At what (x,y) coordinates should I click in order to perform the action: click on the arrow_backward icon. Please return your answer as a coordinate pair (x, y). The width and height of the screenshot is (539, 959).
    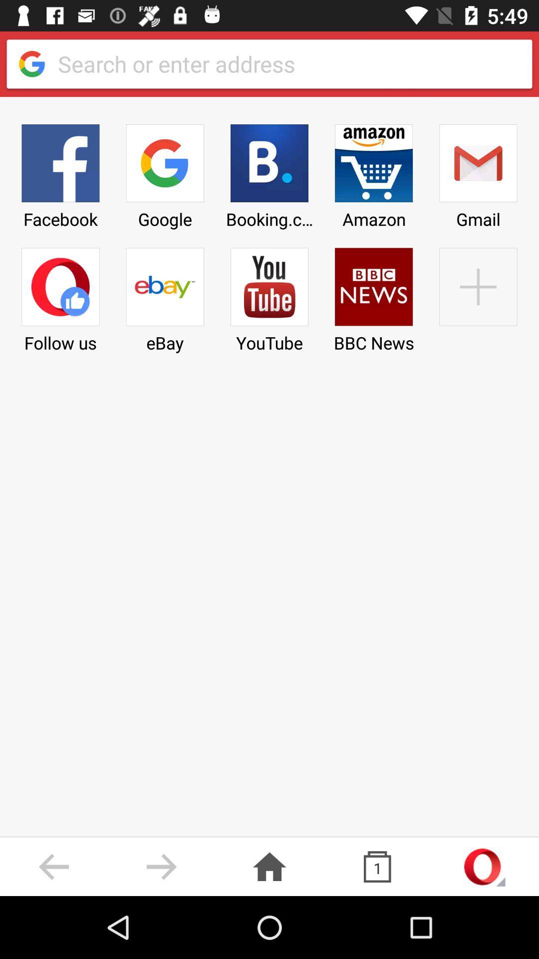
    Looking at the image, I should click on (54, 866).